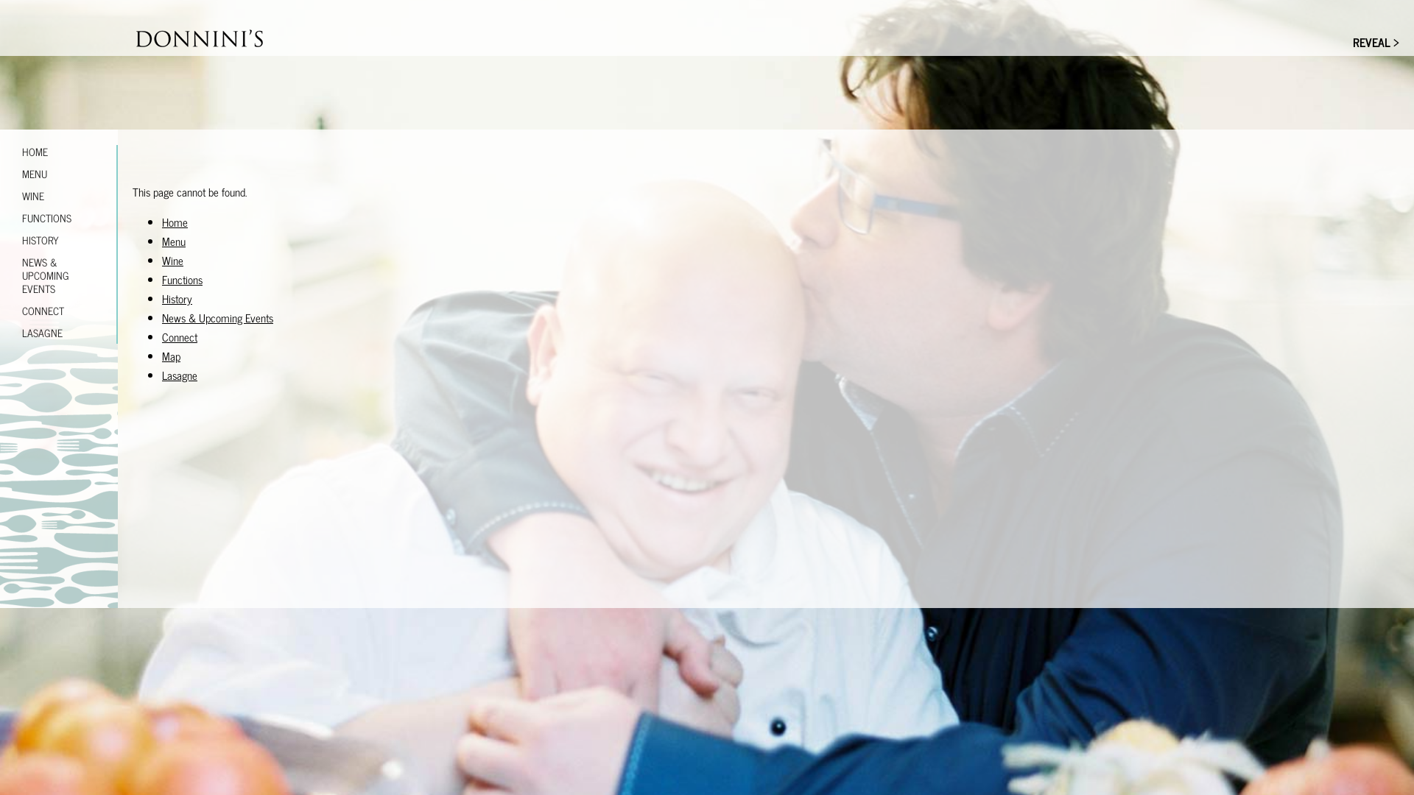 This screenshot has height=795, width=1414. What do you see at coordinates (0, 239) in the screenshot?
I see `'HISTORY'` at bounding box center [0, 239].